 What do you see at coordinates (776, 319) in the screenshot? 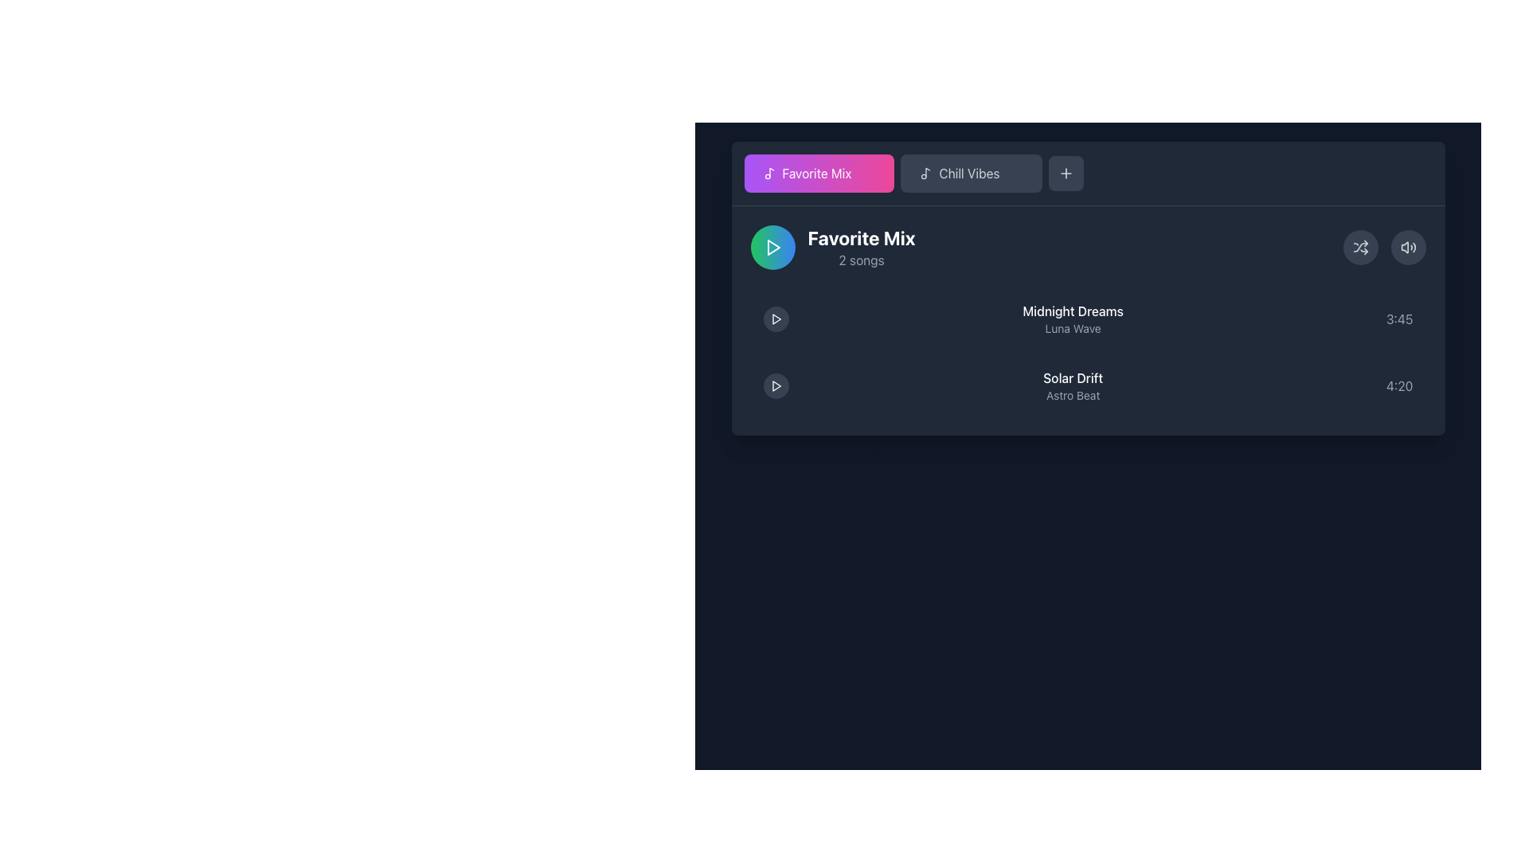
I see `the play button for the song 'Midnight Dreams'` at bounding box center [776, 319].